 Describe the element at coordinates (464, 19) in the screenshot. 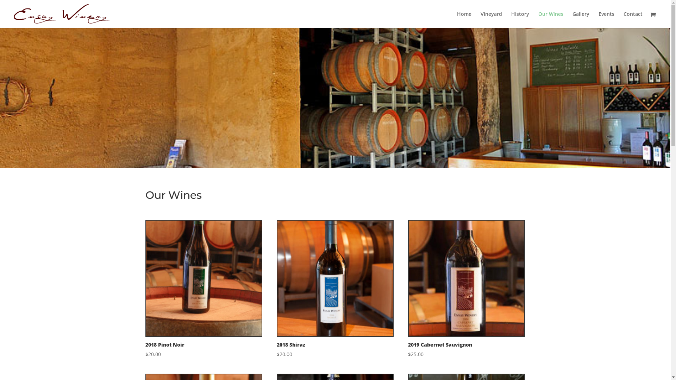

I see `'Home'` at that location.